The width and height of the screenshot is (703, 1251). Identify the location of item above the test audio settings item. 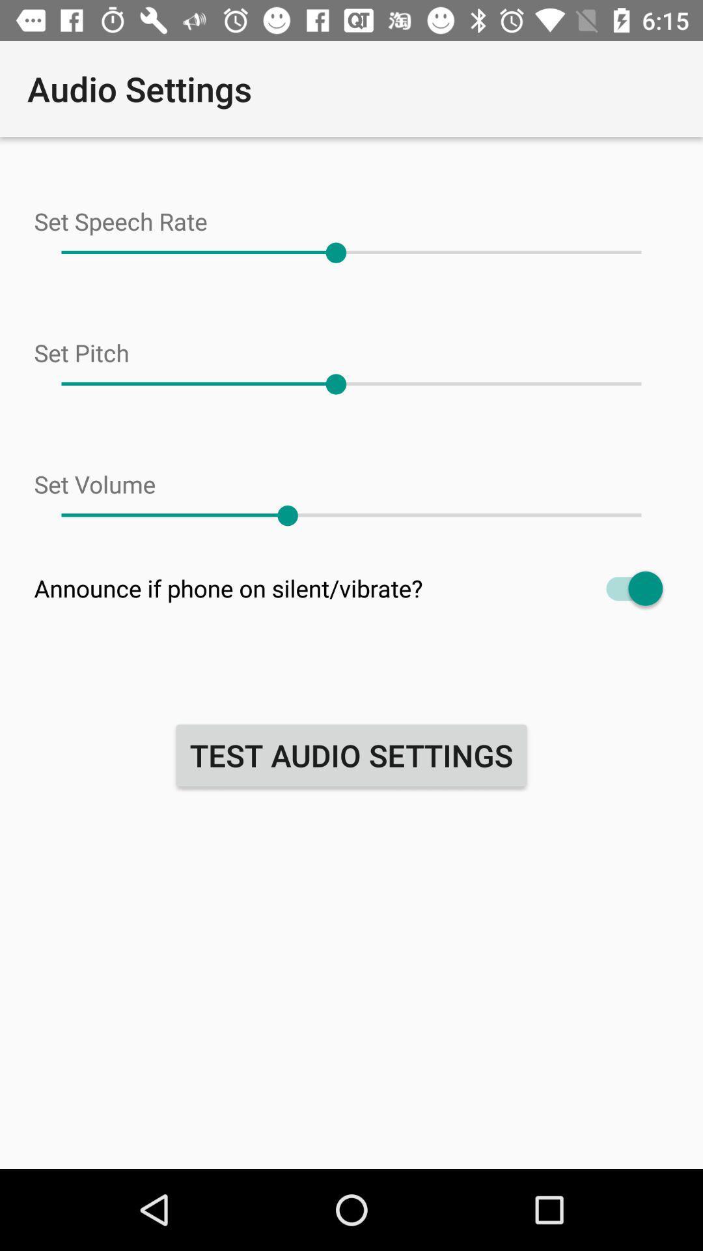
(351, 588).